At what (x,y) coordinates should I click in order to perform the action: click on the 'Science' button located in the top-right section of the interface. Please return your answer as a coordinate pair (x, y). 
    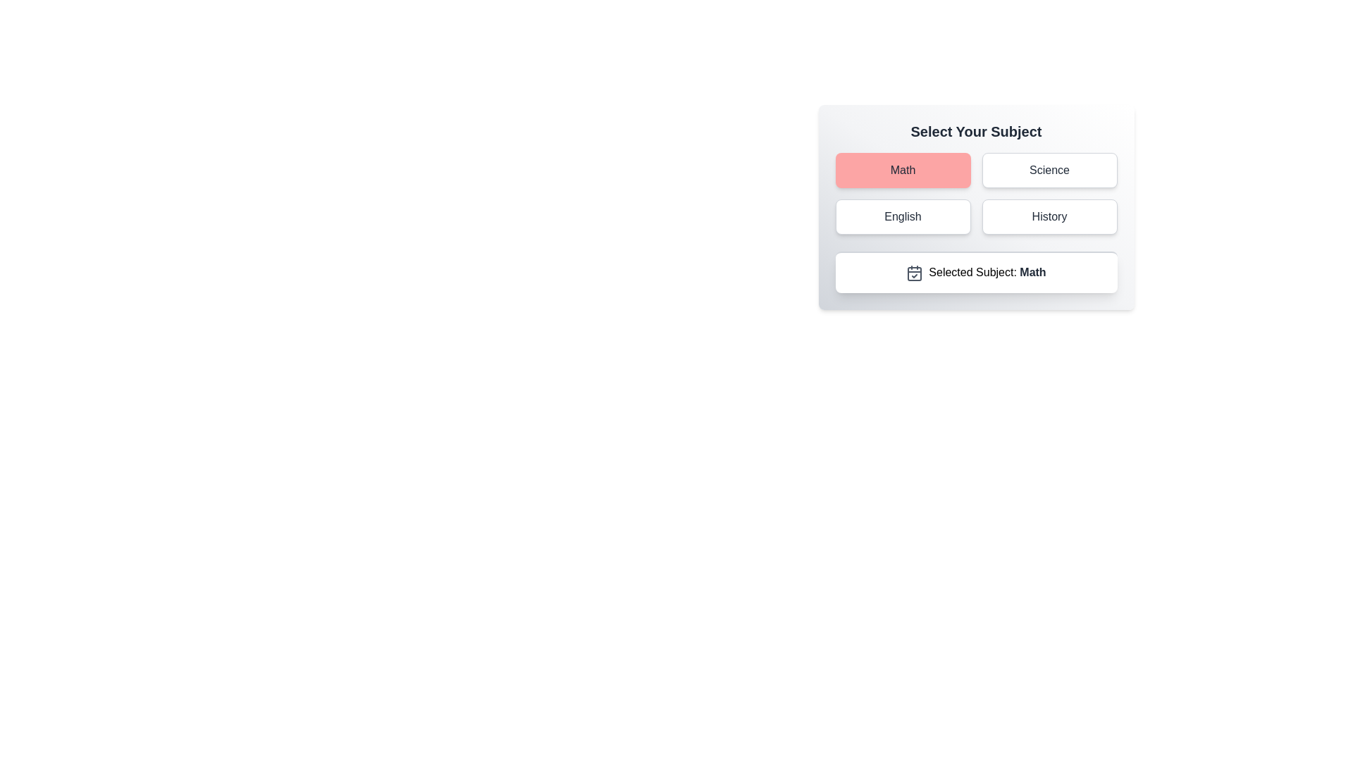
    Looking at the image, I should click on (1049, 170).